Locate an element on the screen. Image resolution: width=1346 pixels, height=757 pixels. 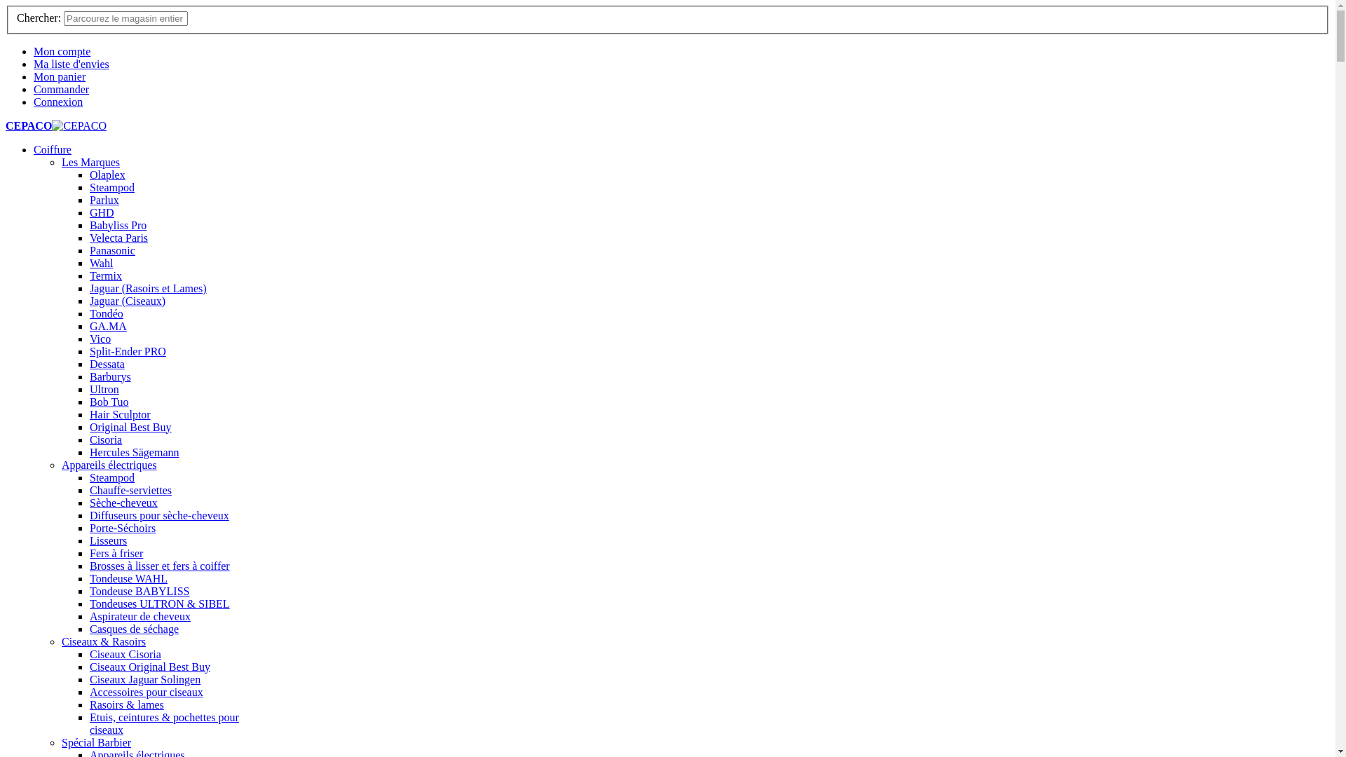
'Barburys' is located at coordinates (109, 376).